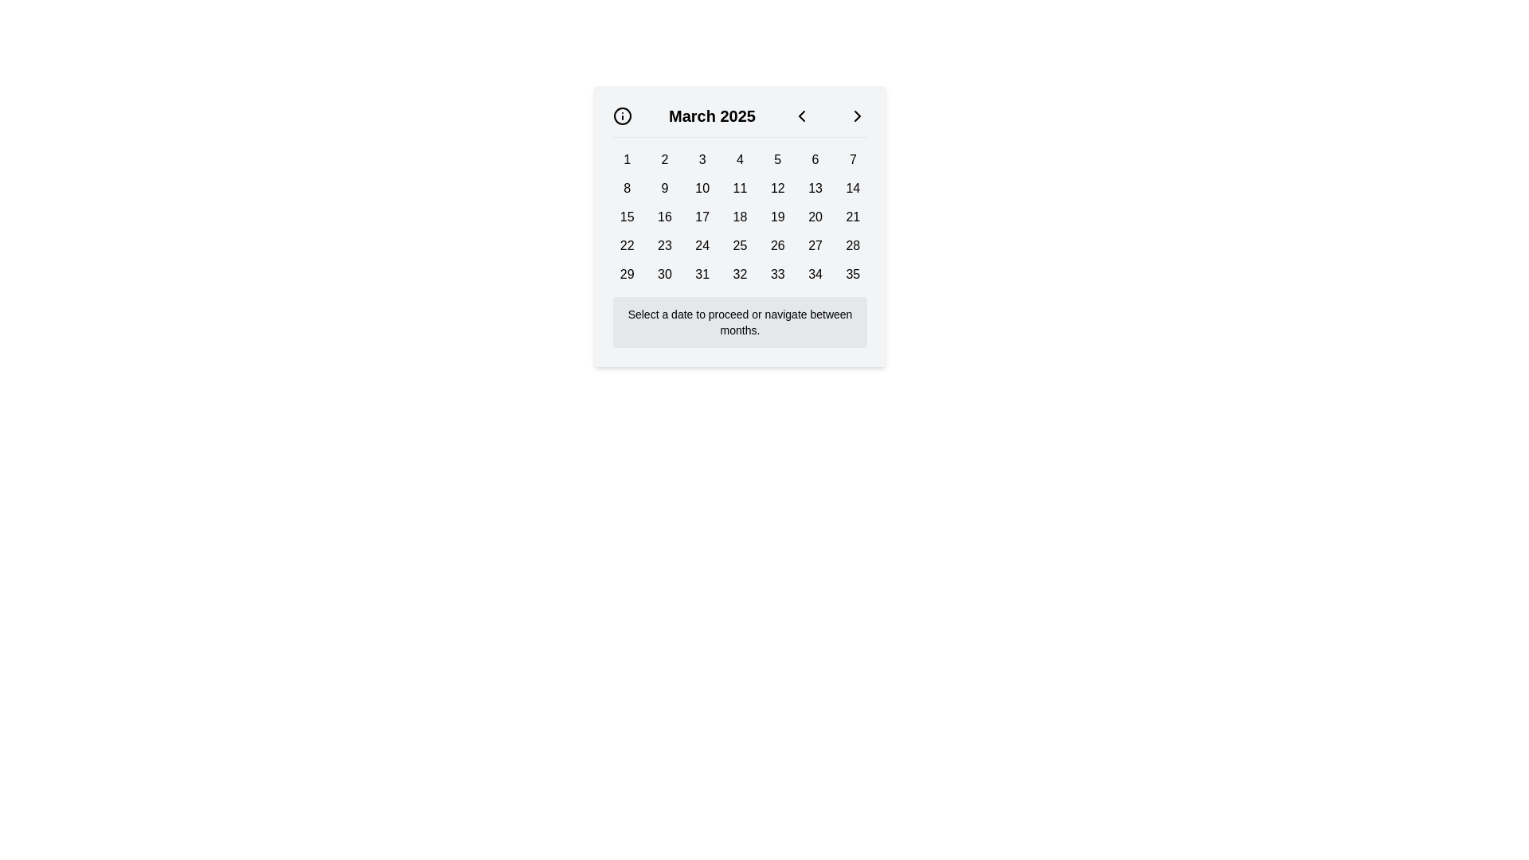 The width and height of the screenshot is (1529, 860). Describe the element at coordinates (622, 115) in the screenshot. I see `the information button located to the left of the text 'March 2025' in the calendar header` at that location.